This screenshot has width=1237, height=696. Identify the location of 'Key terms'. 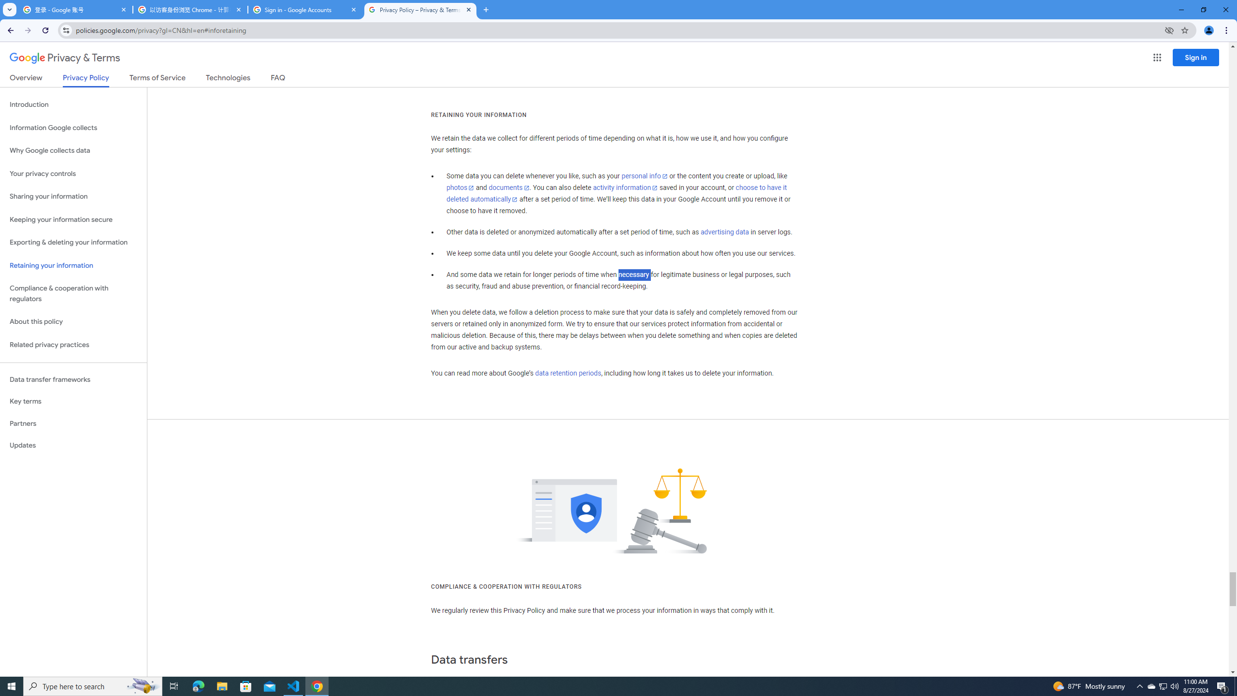
(73, 401).